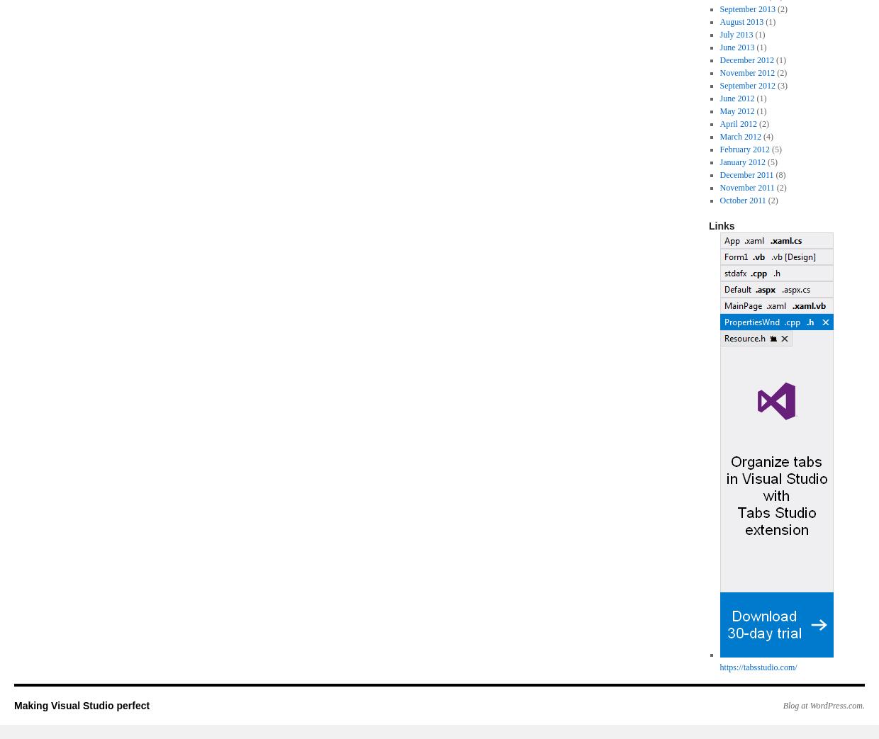  I want to click on 'September 2013', so click(719, 9).